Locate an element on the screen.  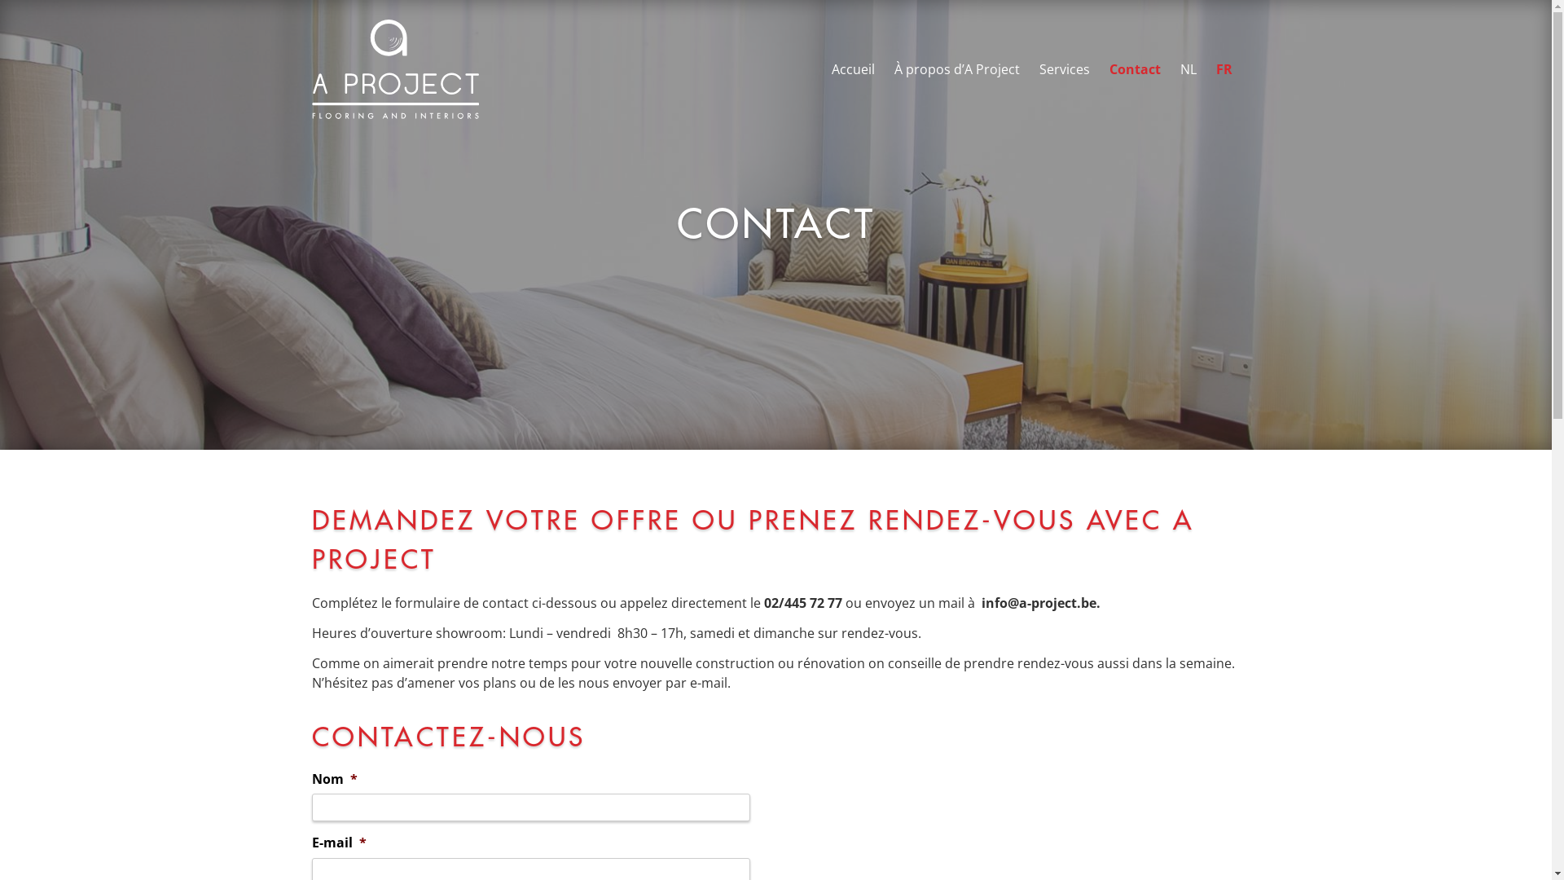
'NL' is located at coordinates (1188, 68).